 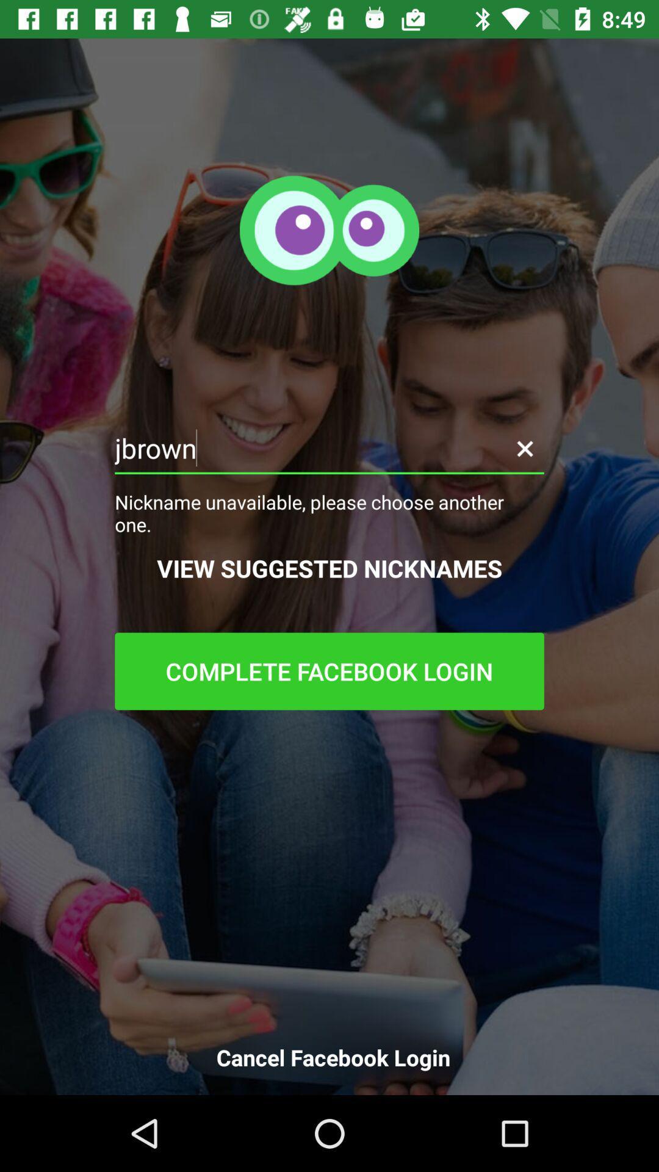 I want to click on the close icon, so click(x=524, y=447).